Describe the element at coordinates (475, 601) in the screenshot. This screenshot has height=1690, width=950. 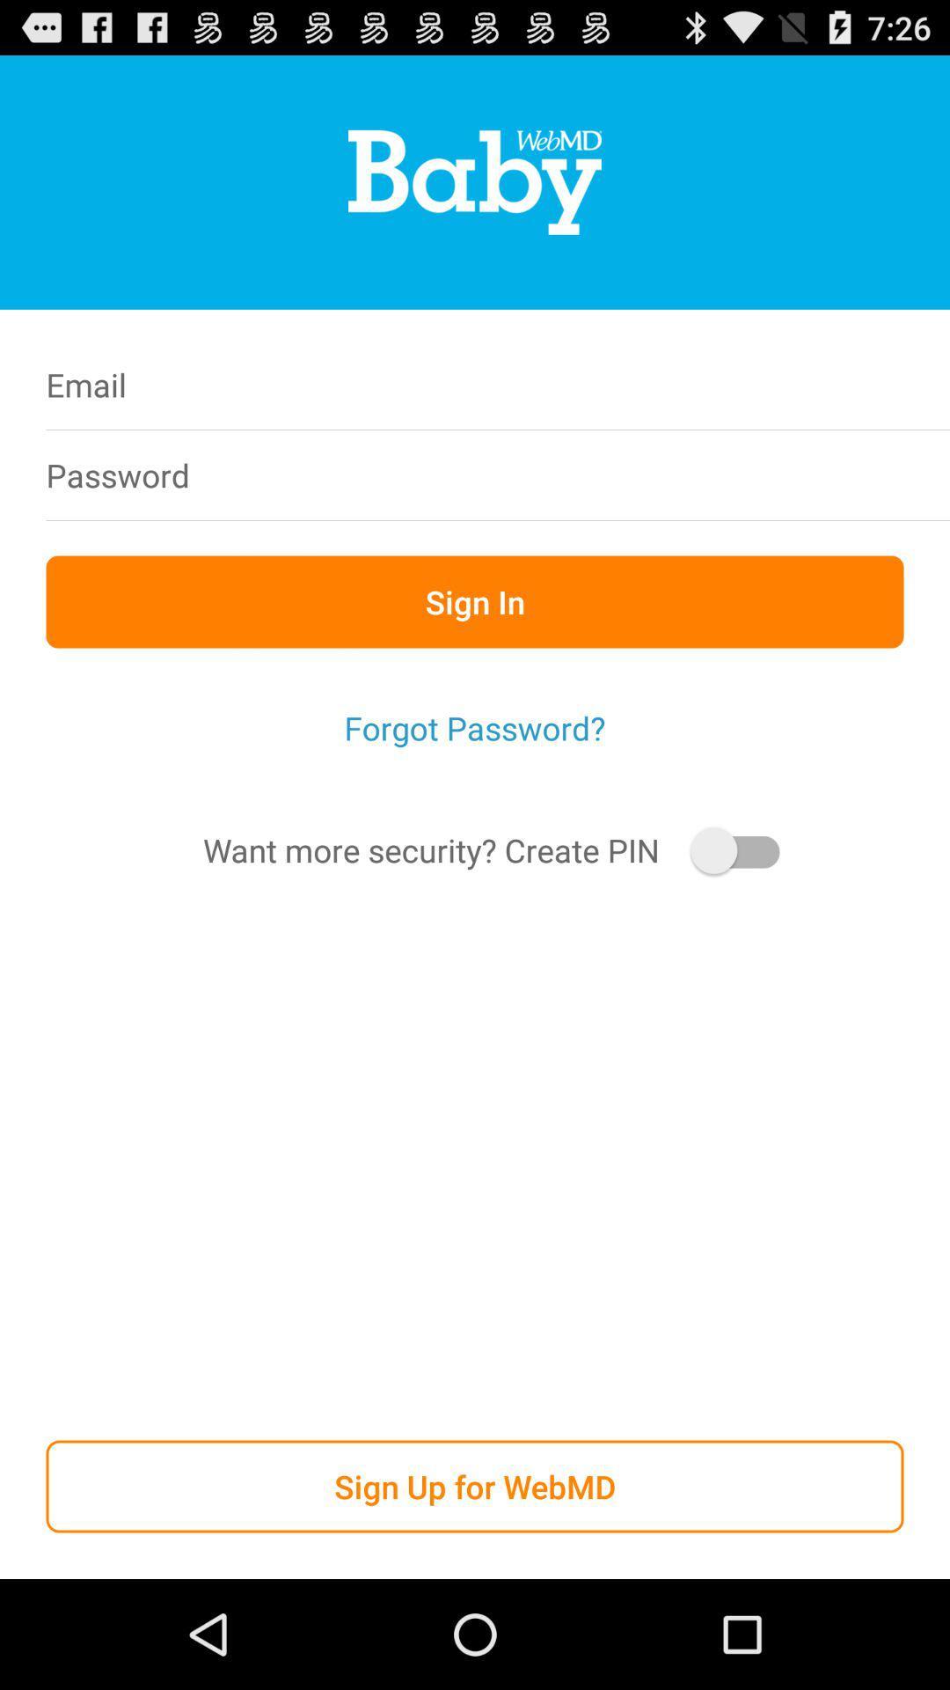
I see `item above forgot password? icon` at that location.